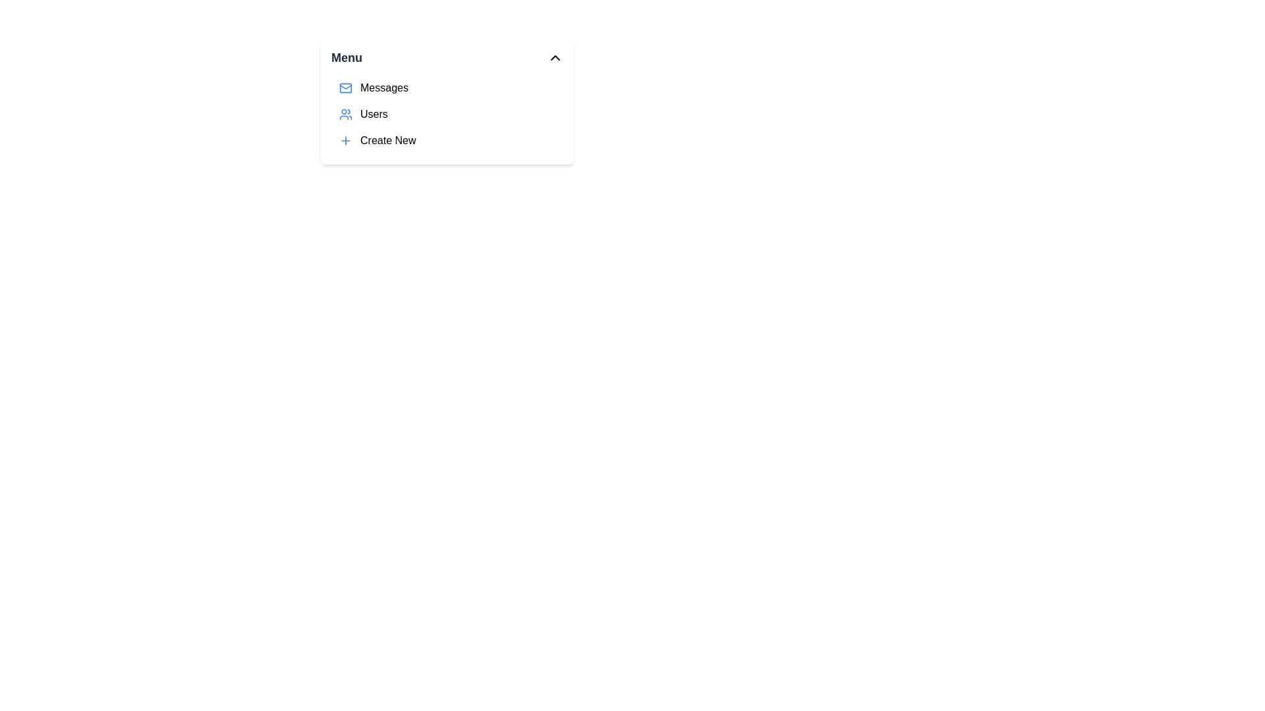  Describe the element at coordinates (373, 113) in the screenshot. I see `the 'Users' text label in the vertical menu list` at that location.